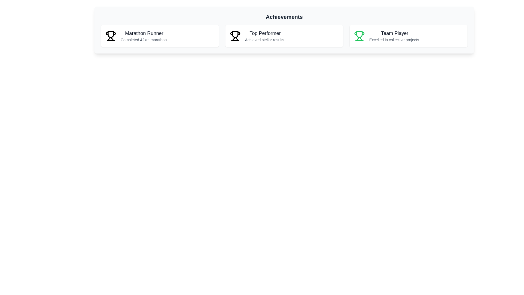  Describe the element at coordinates (144, 36) in the screenshot. I see `the static text display component that provides information about a person's achievement of completing a marathon, located in the leftmost section of a horizontally aligned set of three sections` at that location.